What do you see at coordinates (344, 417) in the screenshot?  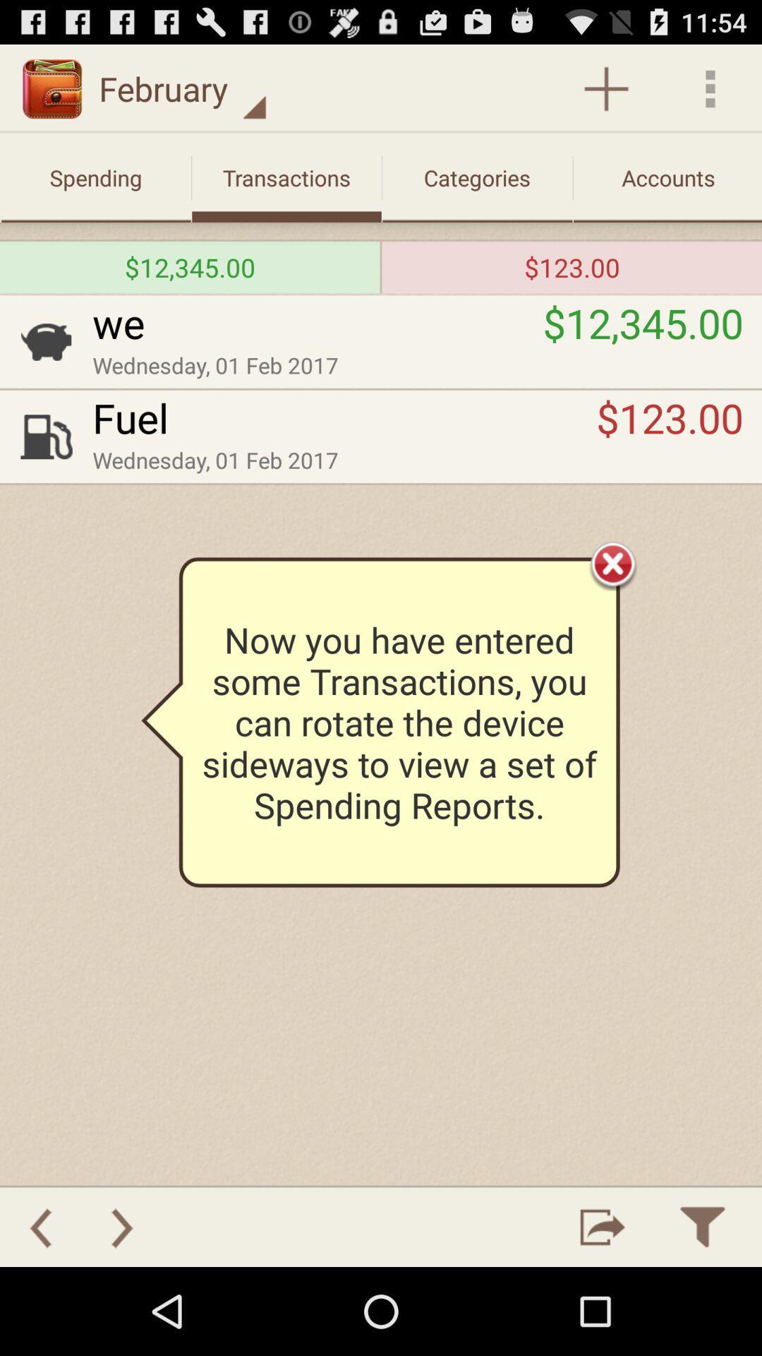 I see `the fuel app` at bounding box center [344, 417].